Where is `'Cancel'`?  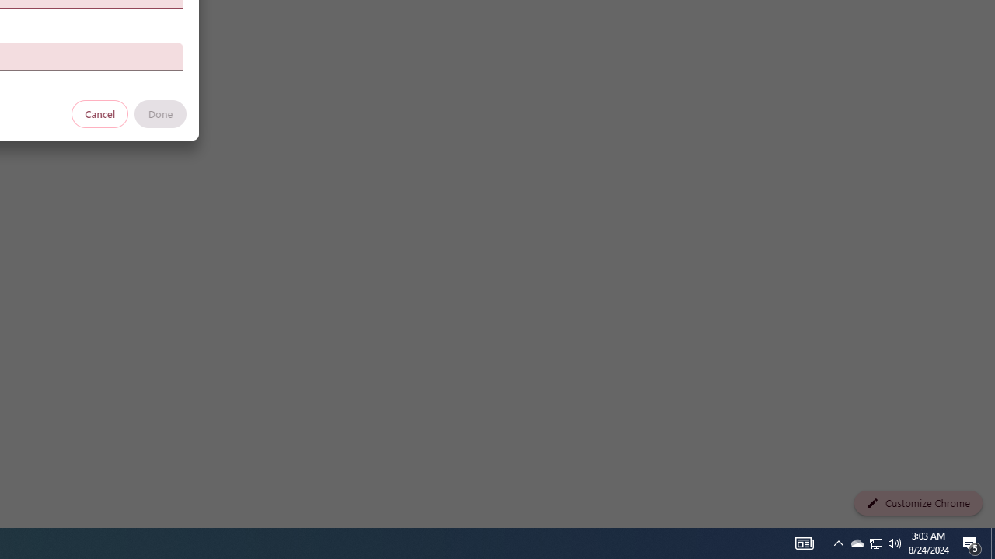
'Cancel' is located at coordinates (99, 113).